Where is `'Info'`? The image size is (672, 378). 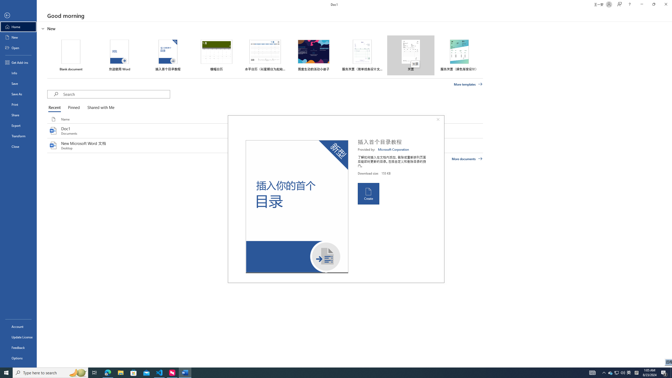 'Info' is located at coordinates (18, 72).